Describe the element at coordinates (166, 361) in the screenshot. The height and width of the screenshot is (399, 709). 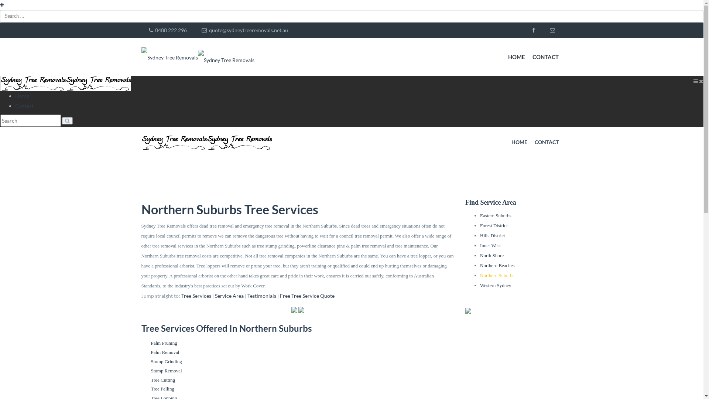
I see `'Stump Grinding'` at that location.